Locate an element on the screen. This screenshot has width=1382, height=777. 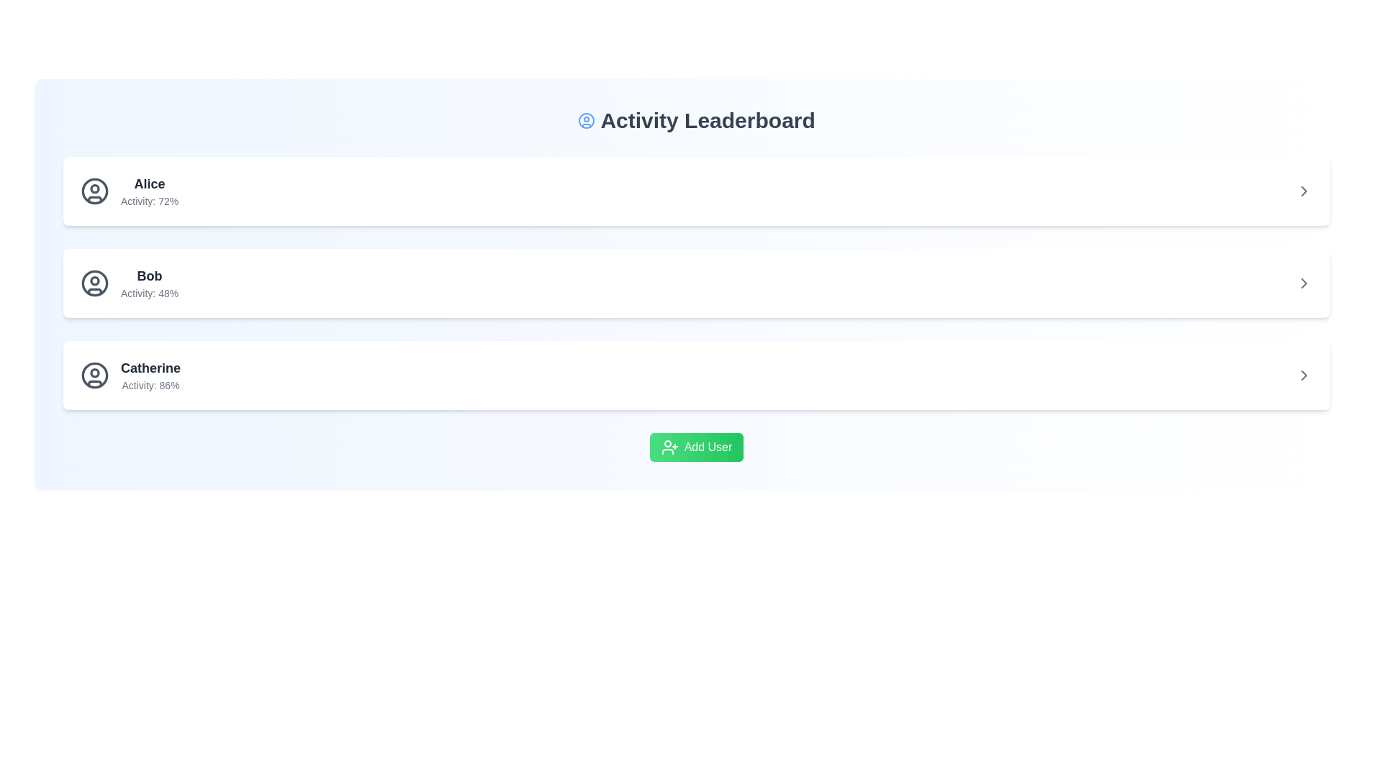
the right-facing chevron icon located at the far right of the 'Catherine' row in the 'Activity Leaderboard' section is located at coordinates (1304, 374).